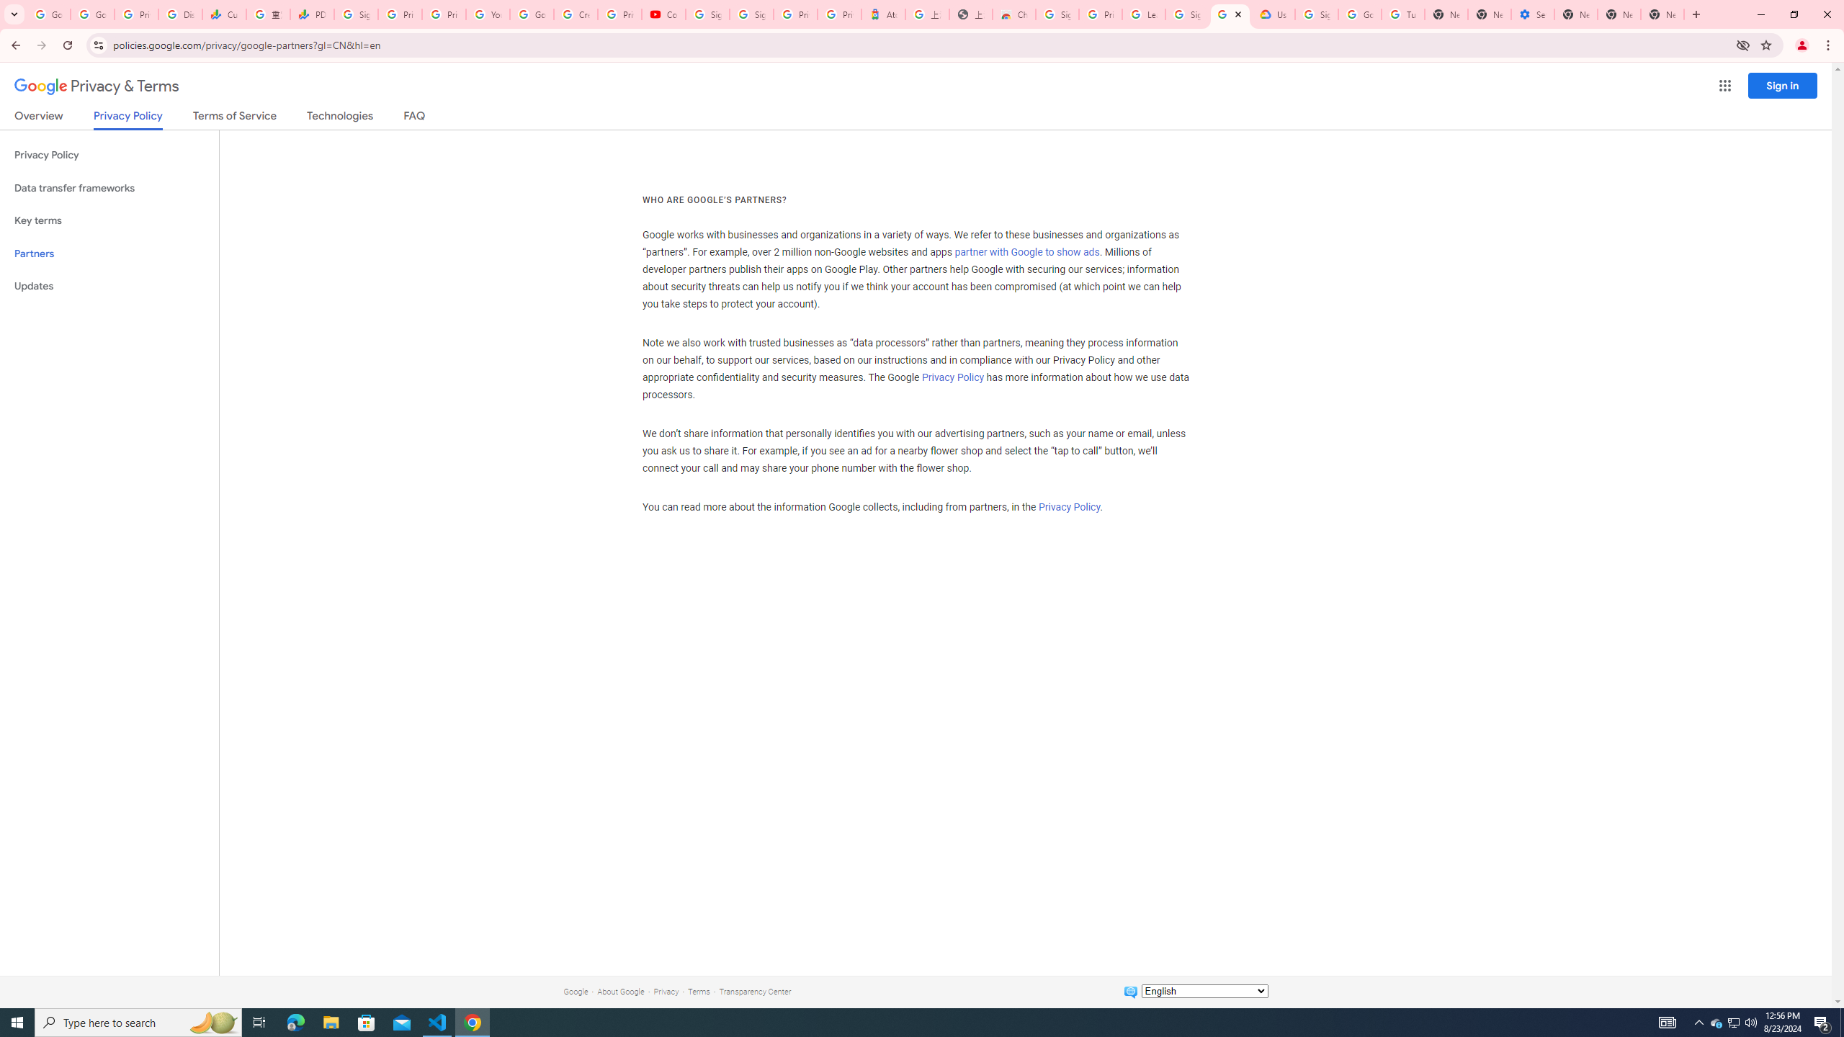 Image resolution: width=1844 pixels, height=1037 pixels. Describe the element at coordinates (48, 14) in the screenshot. I see `'Google Workspace Admin Community'` at that location.